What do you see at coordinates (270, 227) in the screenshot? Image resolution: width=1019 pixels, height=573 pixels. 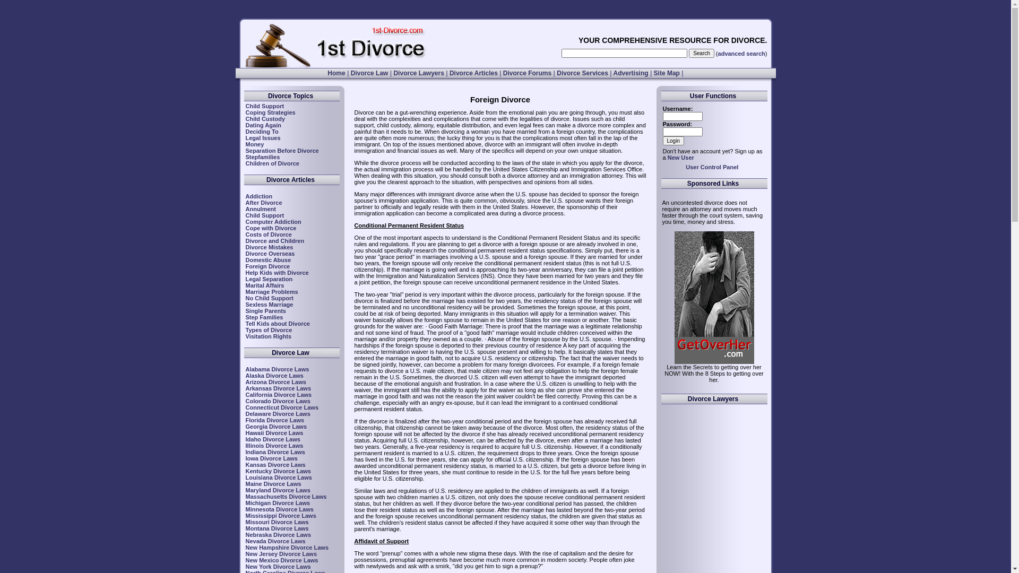 I see `'Cope with Divorce'` at bounding box center [270, 227].